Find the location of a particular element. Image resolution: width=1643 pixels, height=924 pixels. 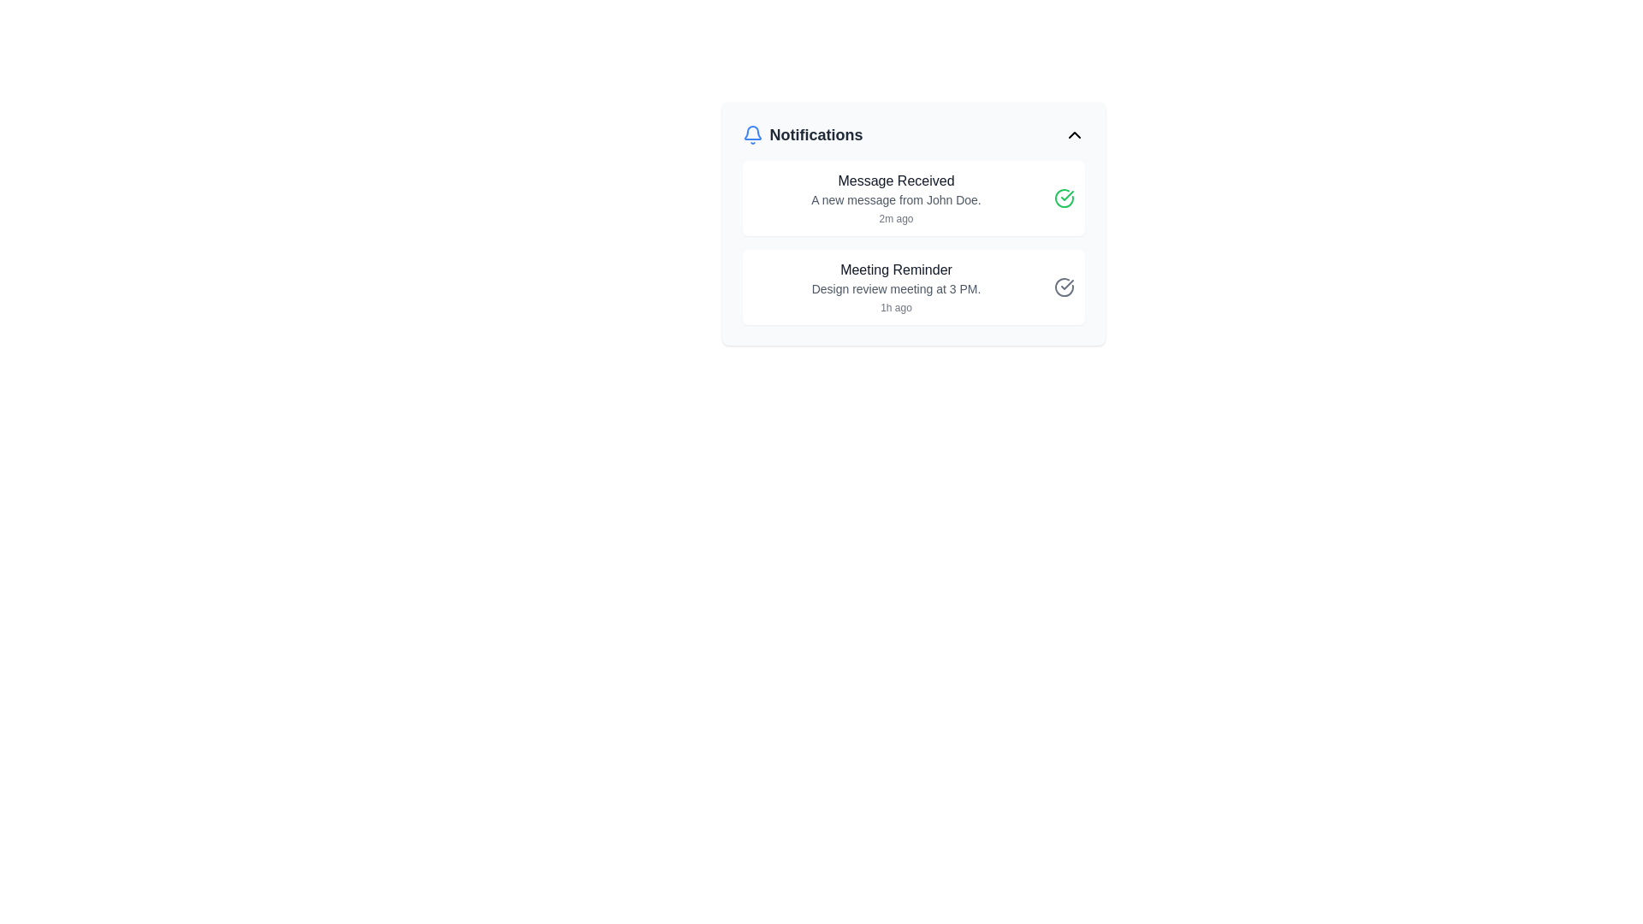

the text label displaying 'Message Received' which is the topmost element in the notification card is located at coordinates (895, 181).